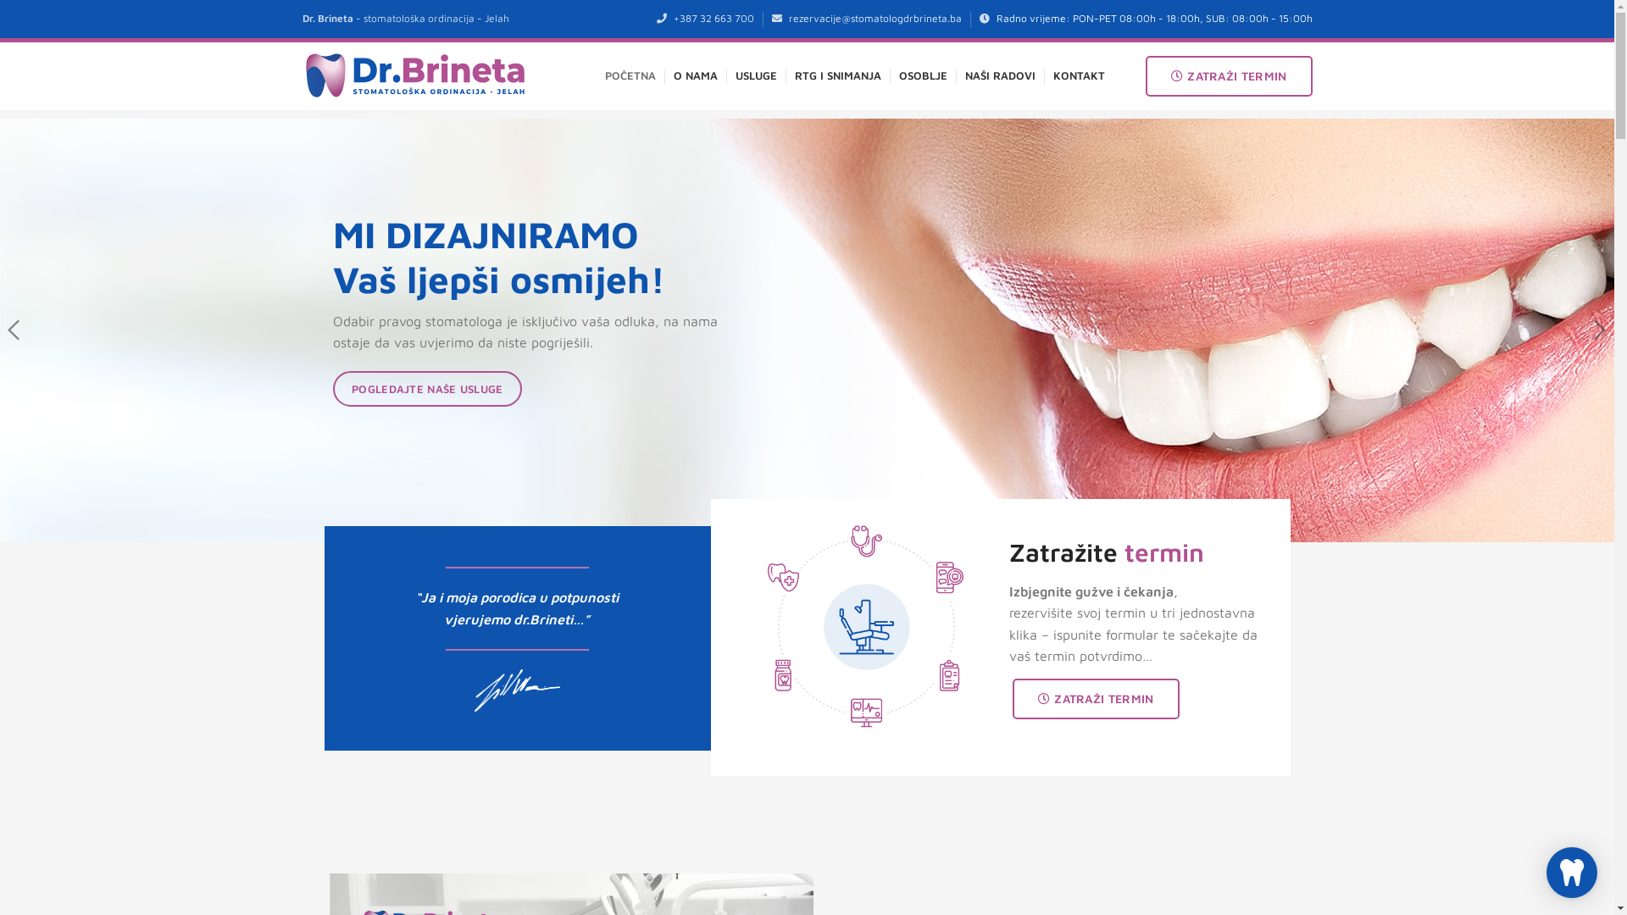  What do you see at coordinates (875, 18) in the screenshot?
I see `'rezervacije@stomatologdrbrineta.ba'` at bounding box center [875, 18].